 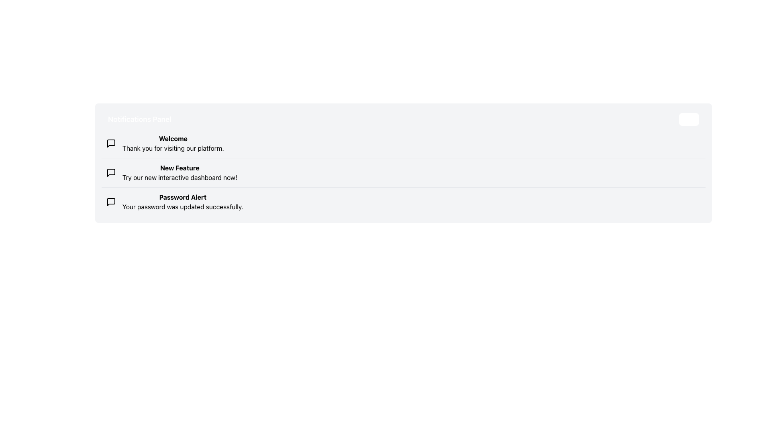 What do you see at coordinates (179, 177) in the screenshot?
I see `the text element that provides a notification about a new feature, located immediately below the bolded text 'New Feature'` at bounding box center [179, 177].